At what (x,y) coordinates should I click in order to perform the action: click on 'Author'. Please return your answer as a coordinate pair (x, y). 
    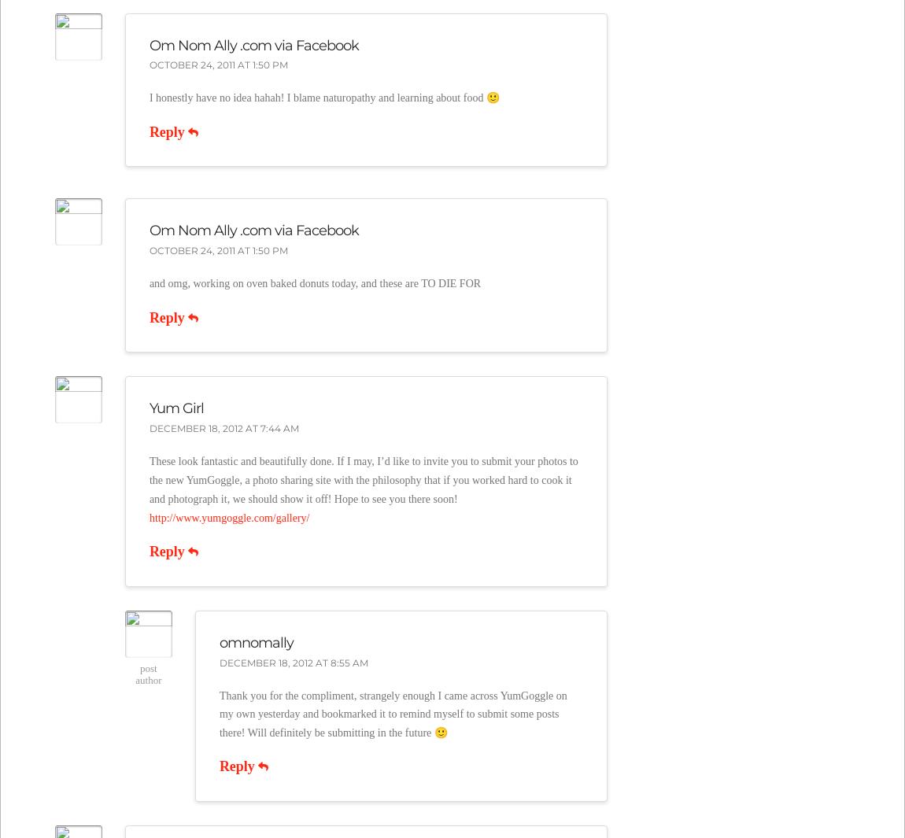
    Looking at the image, I should click on (147, 680).